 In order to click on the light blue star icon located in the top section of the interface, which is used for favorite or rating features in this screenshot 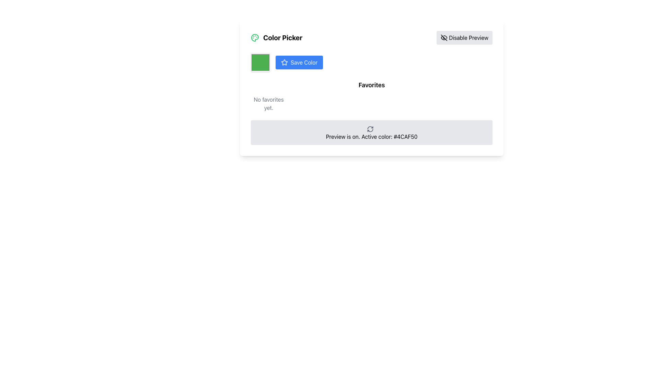, I will do `click(285, 62)`.